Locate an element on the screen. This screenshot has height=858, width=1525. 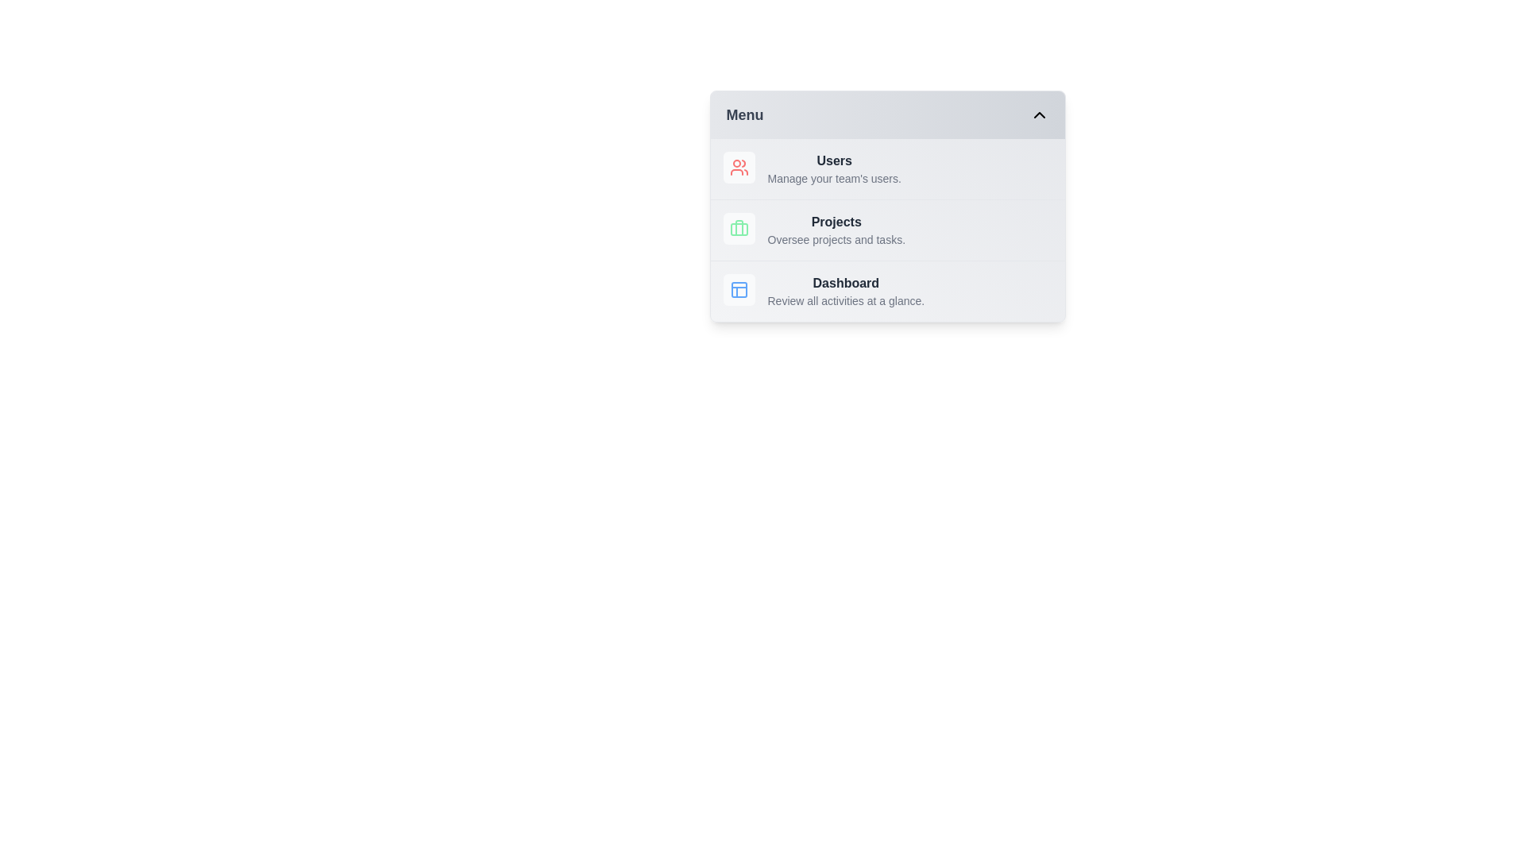
the menu item Projects is located at coordinates (886, 230).